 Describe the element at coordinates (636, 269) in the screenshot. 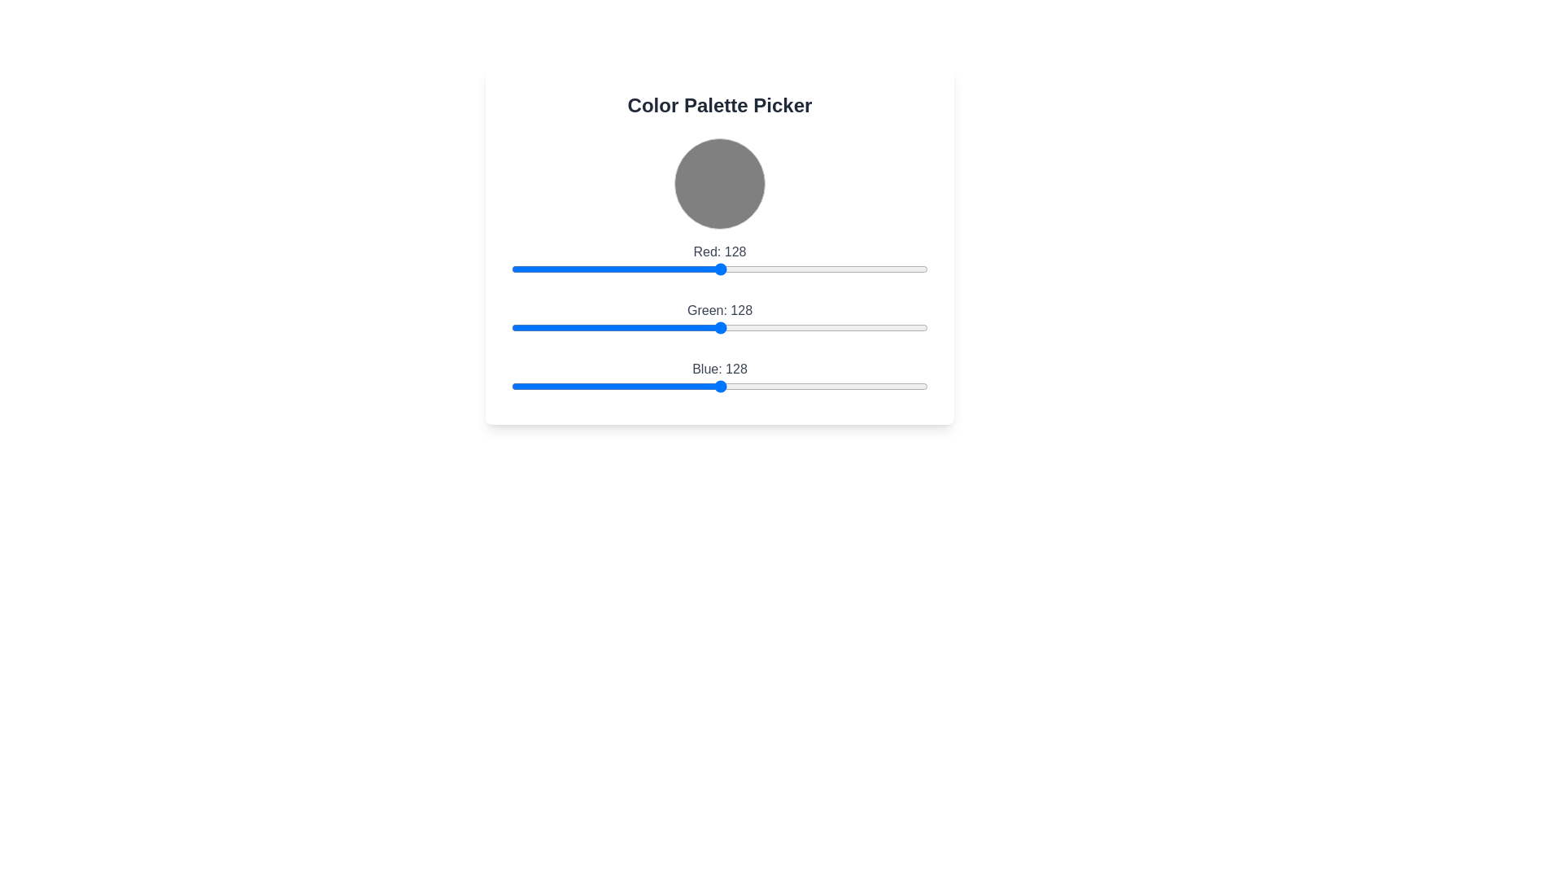

I see `the 'Red' color component` at that location.